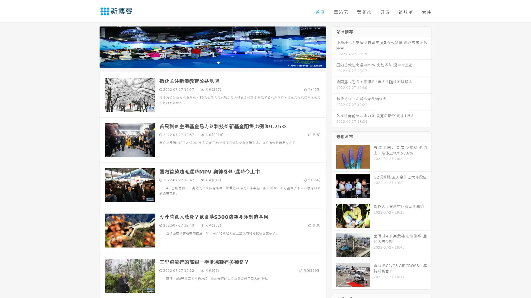 The width and height of the screenshot is (531, 298). Describe the element at coordinates (334, 46) in the screenshot. I see `Next slide` at that location.